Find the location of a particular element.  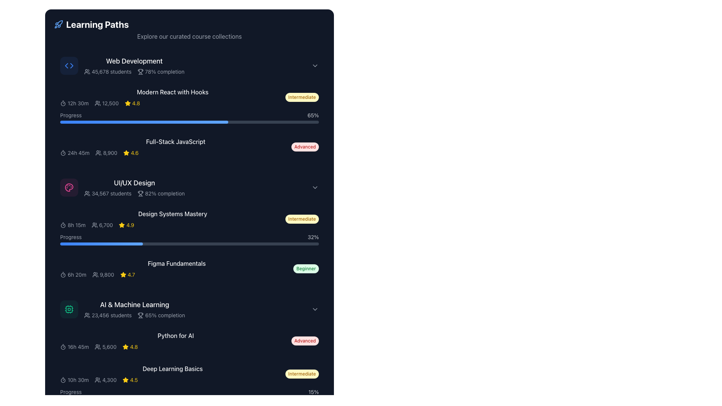

the 'AI & Machine Learning' card is located at coordinates (190, 309).